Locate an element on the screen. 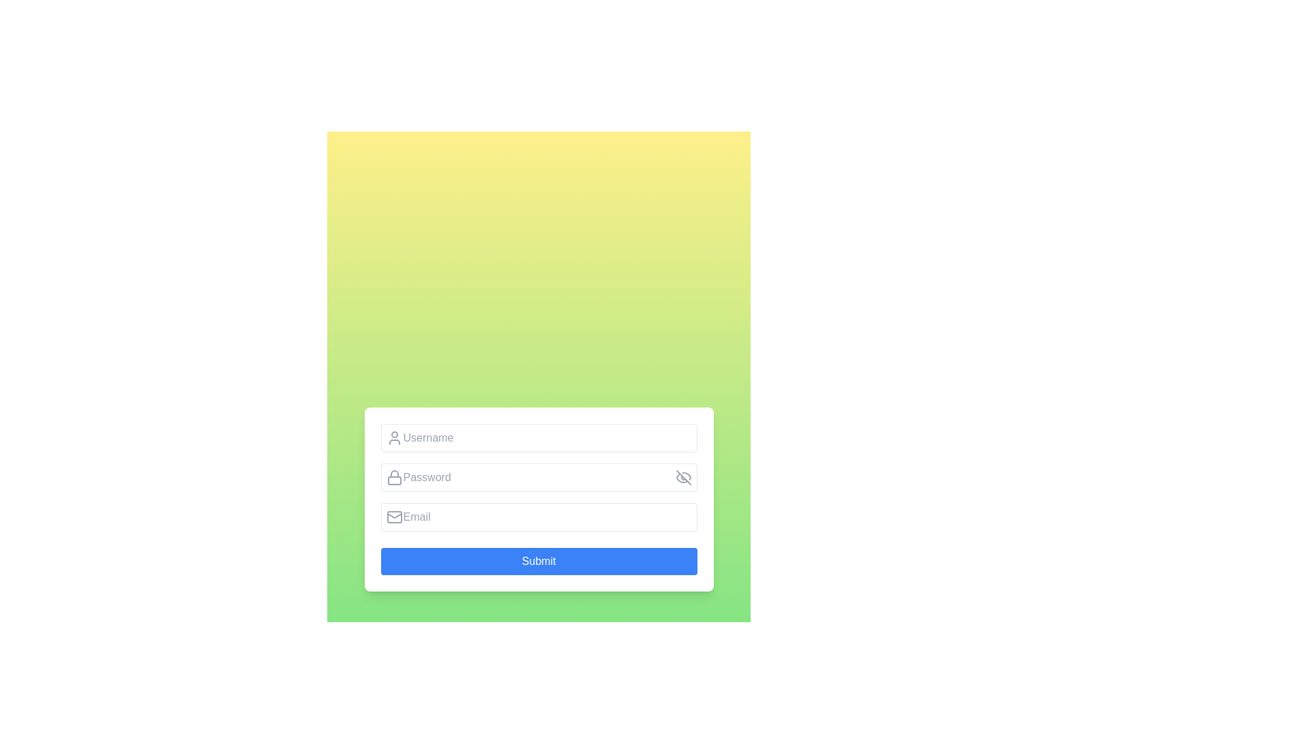 Image resolution: width=1309 pixels, height=736 pixels. the lock icon which is positioned to the left of the 'Password' input field and has a gray stroke with a rounded rectangular base and a semi-circular loop on top is located at coordinates (393, 477).